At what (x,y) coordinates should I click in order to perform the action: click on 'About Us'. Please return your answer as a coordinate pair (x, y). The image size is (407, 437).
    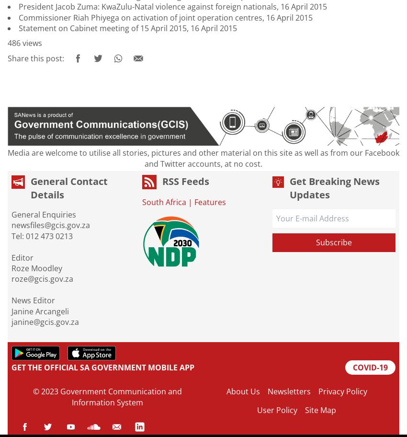
    Looking at the image, I should click on (243, 391).